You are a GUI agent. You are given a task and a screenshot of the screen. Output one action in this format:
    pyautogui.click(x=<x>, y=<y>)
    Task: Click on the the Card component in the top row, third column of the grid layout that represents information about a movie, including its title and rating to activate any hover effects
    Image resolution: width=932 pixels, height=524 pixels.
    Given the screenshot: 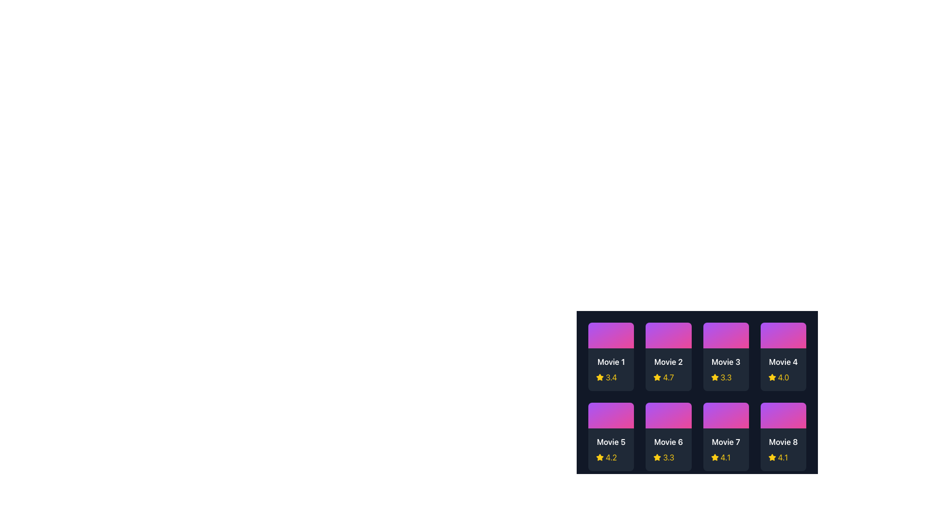 What is the action you would take?
    pyautogui.click(x=726, y=370)
    